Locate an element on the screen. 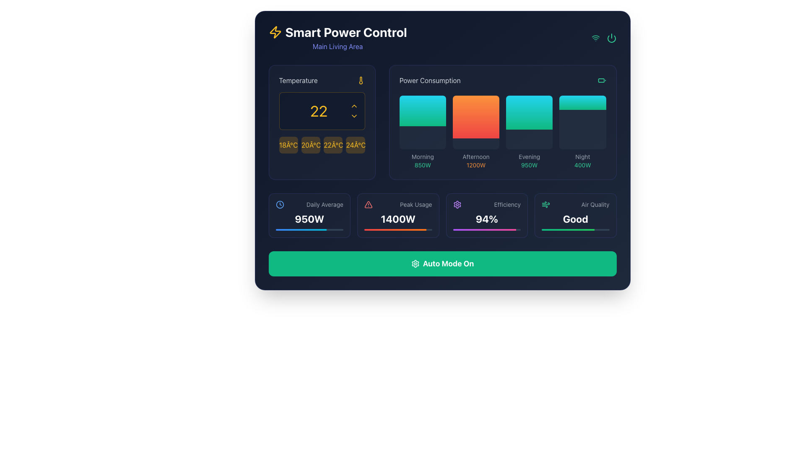 This screenshot has height=453, width=805. the progress bar, which is a thin, horizontally-oriented bar styled with a gradient color from purple to pink, located near the lower section of the interface is located at coordinates (484, 229).